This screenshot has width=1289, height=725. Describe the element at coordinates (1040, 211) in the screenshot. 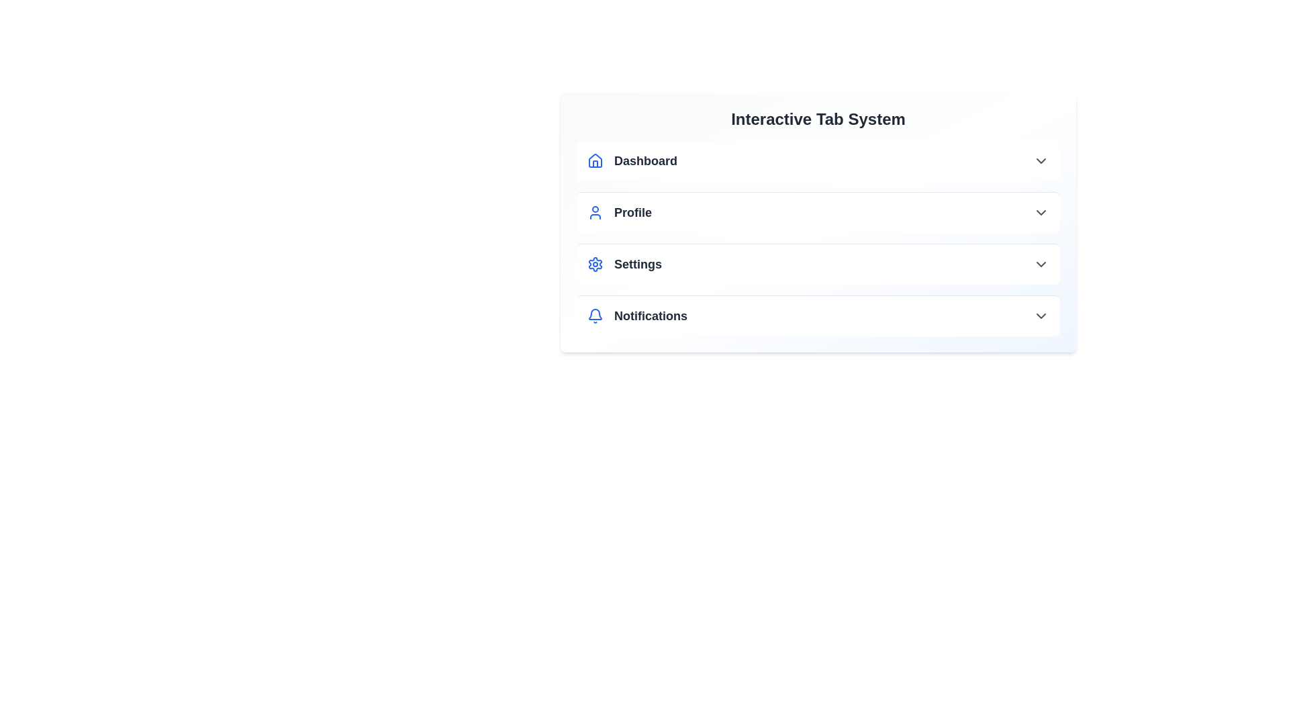

I see `the Dropdown indicator icon located at the far right of the 'Profile' row, which serves as the activator for expanding or collapsing additional details` at that location.